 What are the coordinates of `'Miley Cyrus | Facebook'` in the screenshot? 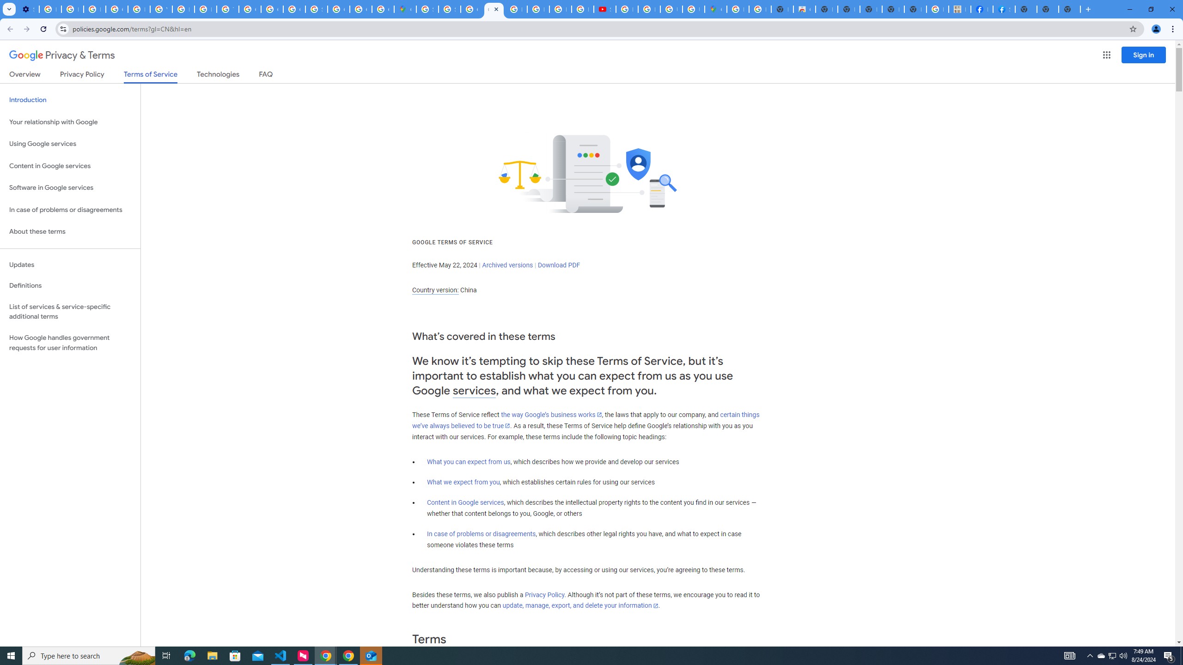 It's located at (981, 9).